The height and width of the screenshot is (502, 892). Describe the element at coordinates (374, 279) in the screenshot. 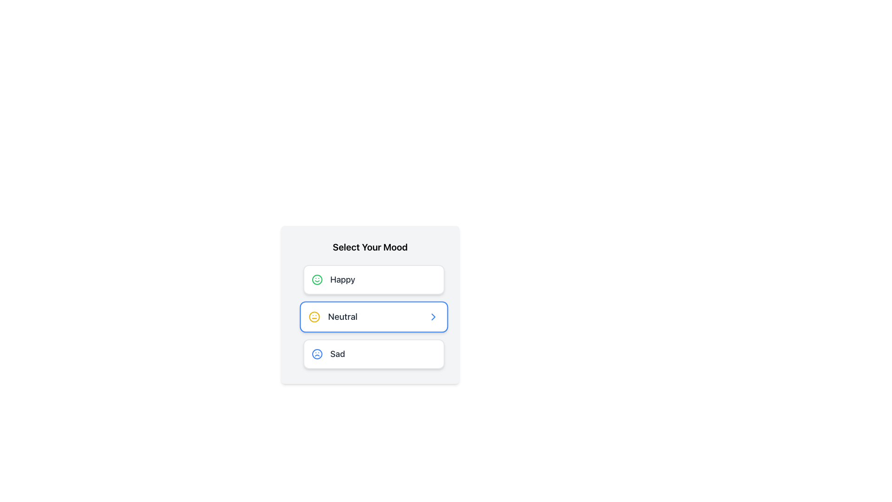

I see `the 'Happy' mood selectable option to focus or highlight it, which is the first item in the list of mood options under 'Select Your Mood'` at that location.